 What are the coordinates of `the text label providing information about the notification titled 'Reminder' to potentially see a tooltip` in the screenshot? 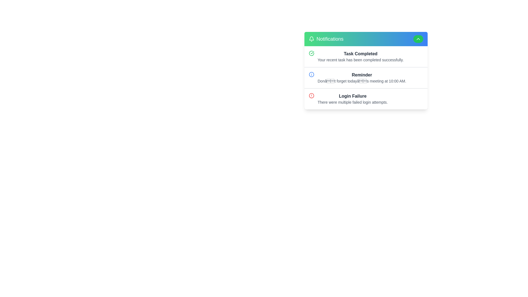 It's located at (362, 81).